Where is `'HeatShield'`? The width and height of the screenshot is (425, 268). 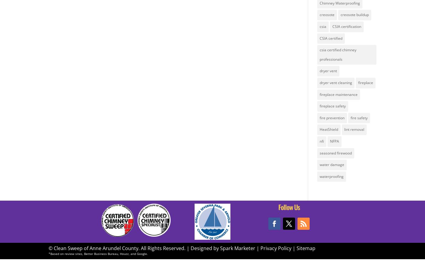
'HeatShield' is located at coordinates (328, 129).